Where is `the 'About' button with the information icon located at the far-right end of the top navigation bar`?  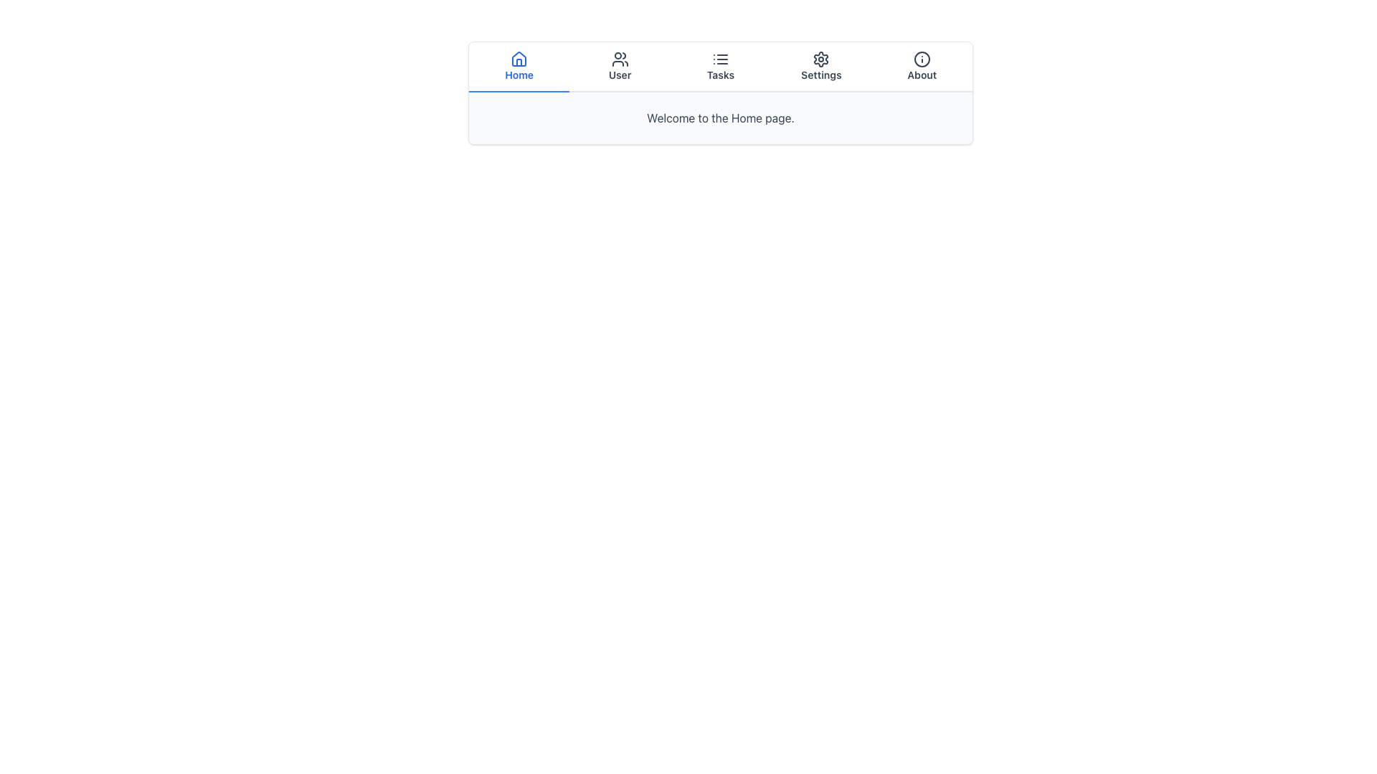
the 'About' button with the information icon located at the far-right end of the top navigation bar is located at coordinates (922, 67).